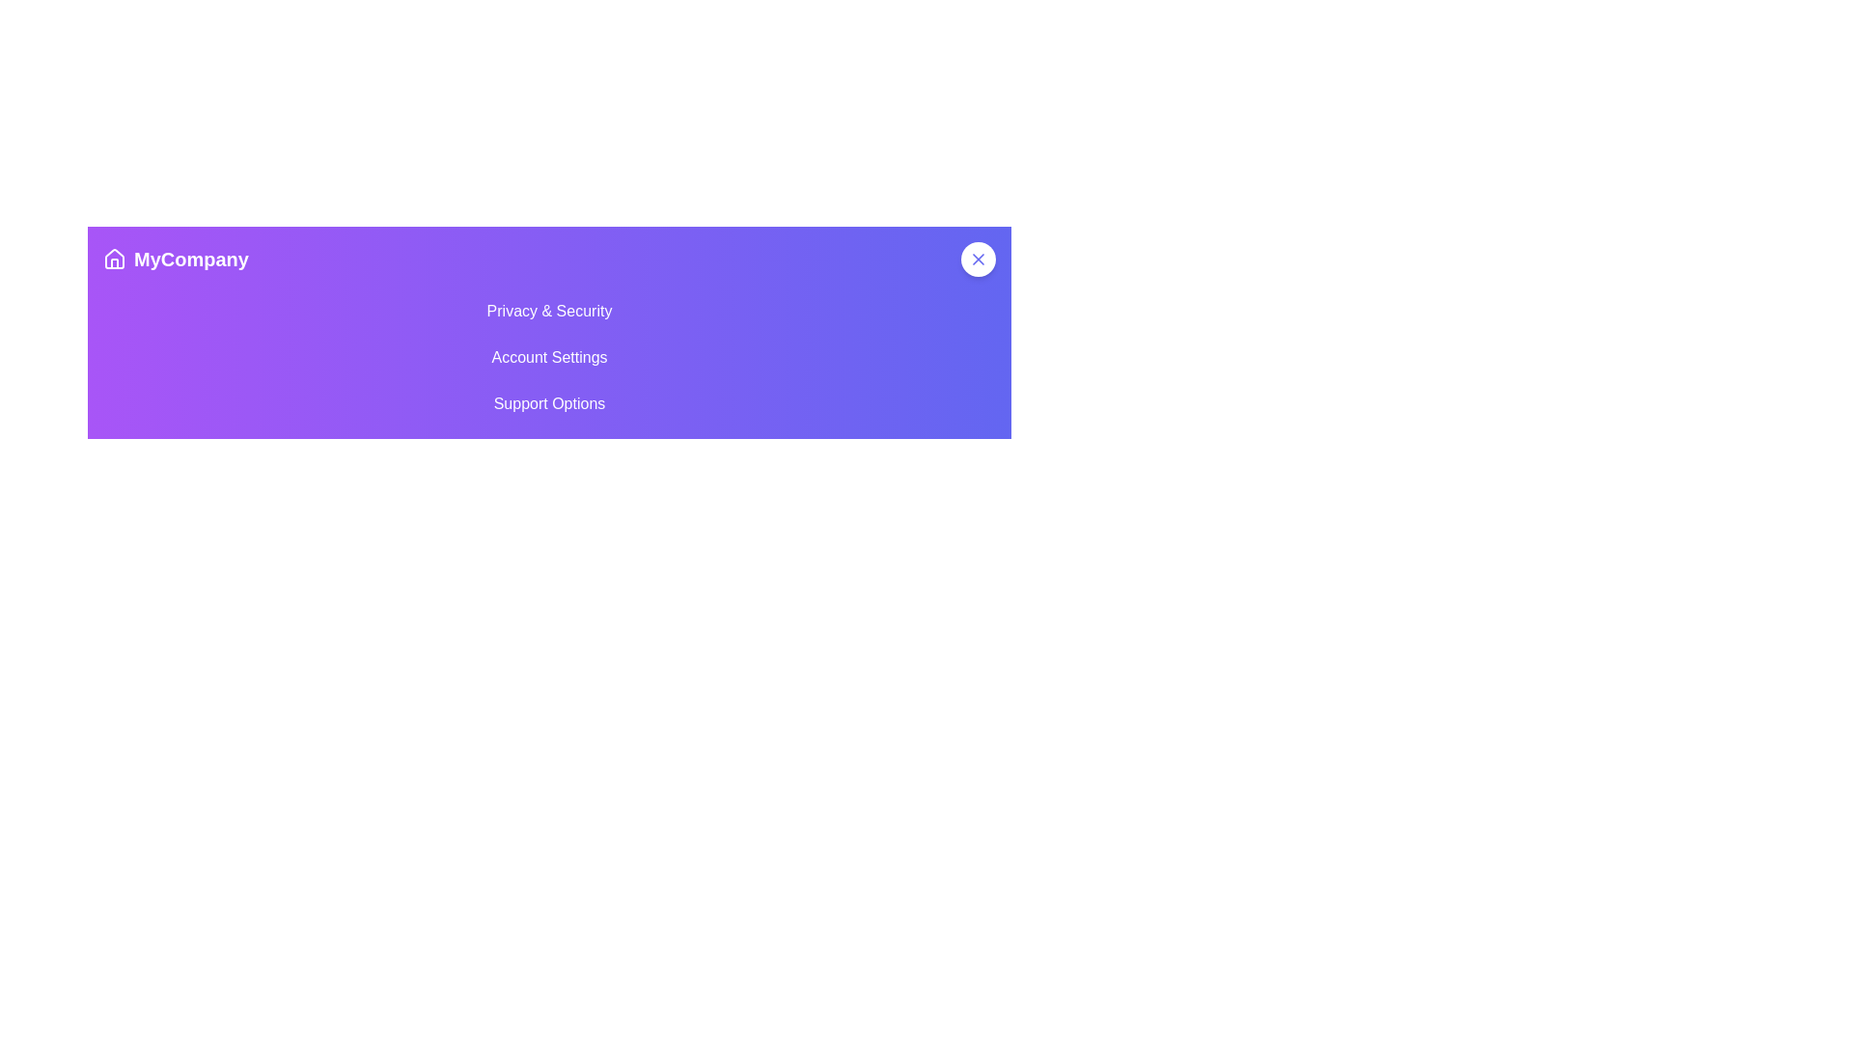 The height and width of the screenshot is (1042, 1853). Describe the element at coordinates (978, 259) in the screenshot. I see `the small, circular, white icon with a blue 'X' mark located on the far right of the header bar` at that location.